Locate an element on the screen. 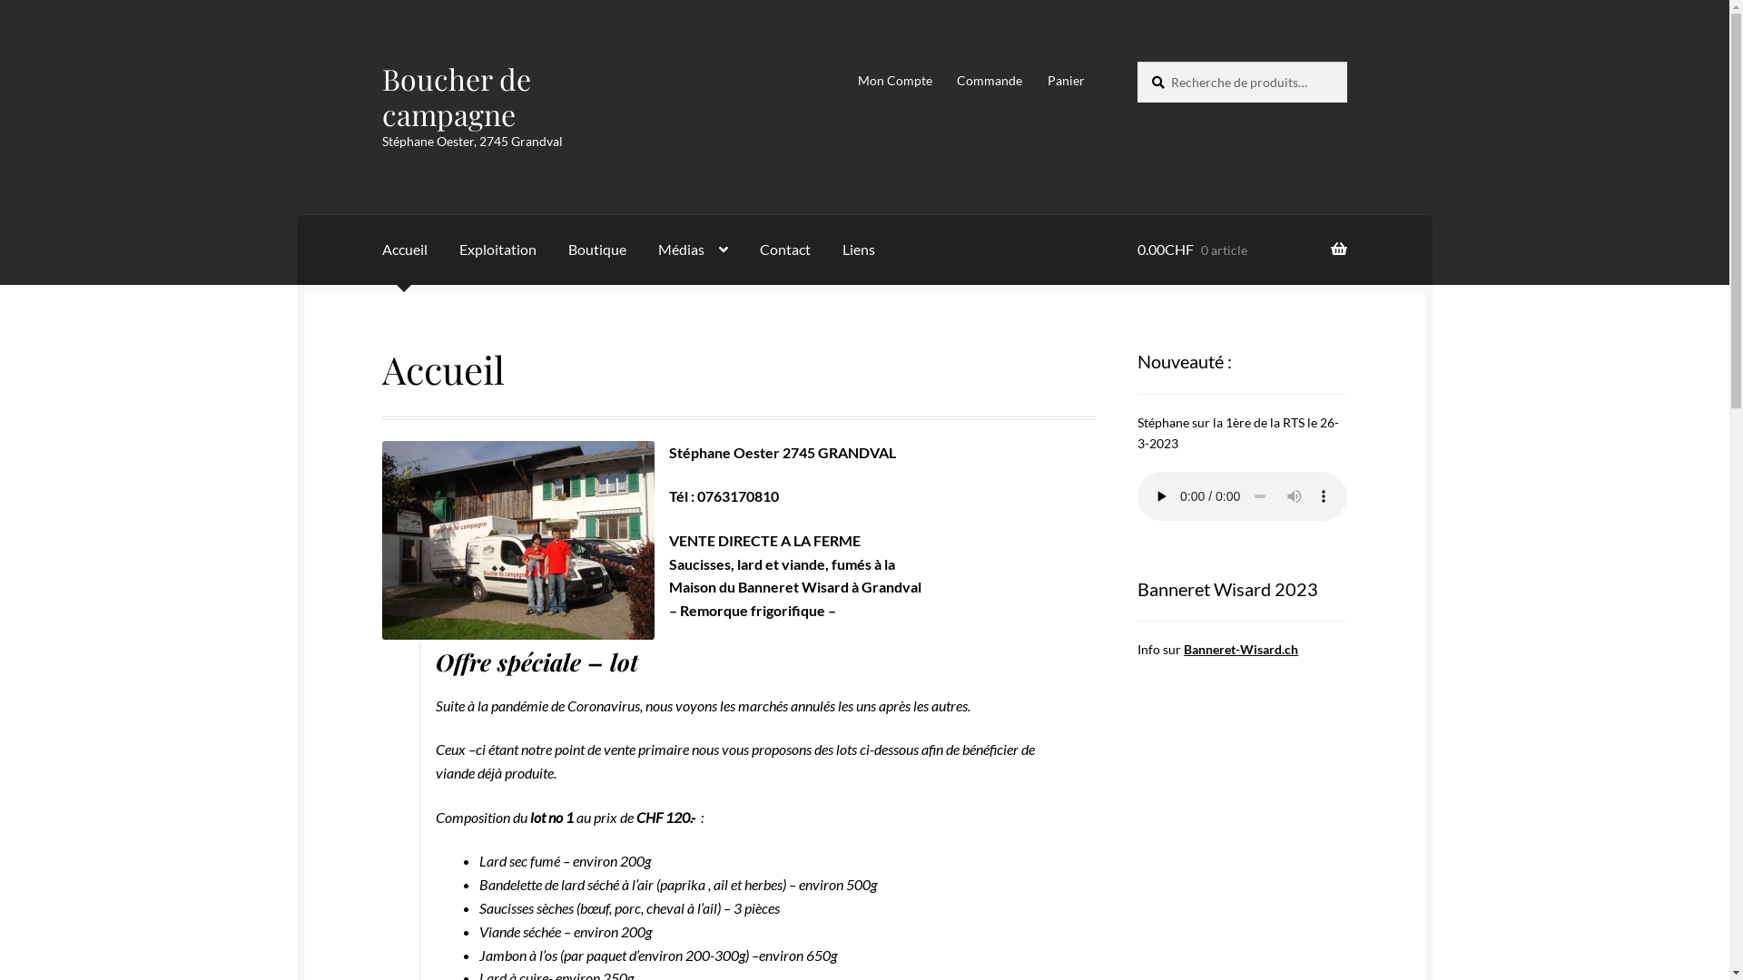 Image resolution: width=1743 pixels, height=980 pixels. '0.00CHF 0 article' is located at coordinates (1241, 249).